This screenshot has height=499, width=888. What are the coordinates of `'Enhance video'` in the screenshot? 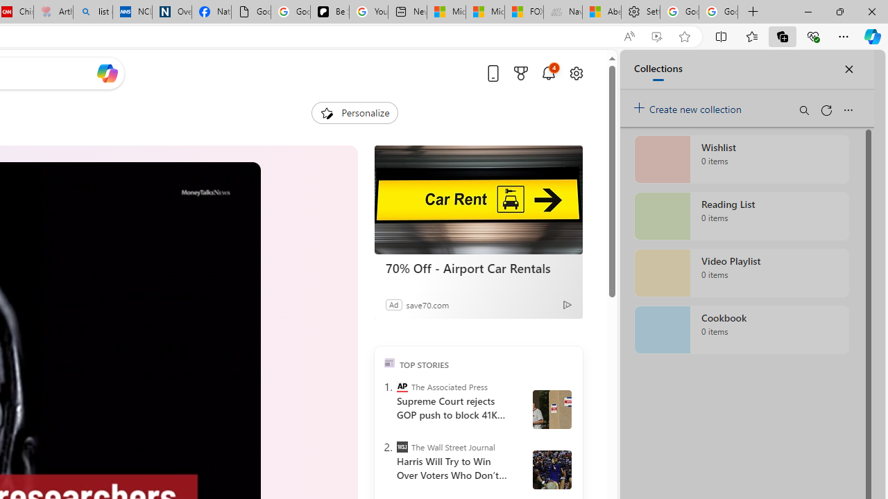 It's located at (656, 36).